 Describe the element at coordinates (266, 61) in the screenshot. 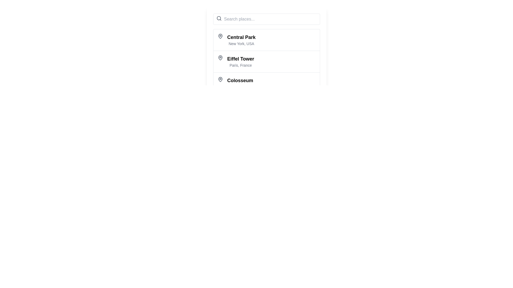

I see `the selectable list item representing the 'Eiffel Tower' location` at that location.